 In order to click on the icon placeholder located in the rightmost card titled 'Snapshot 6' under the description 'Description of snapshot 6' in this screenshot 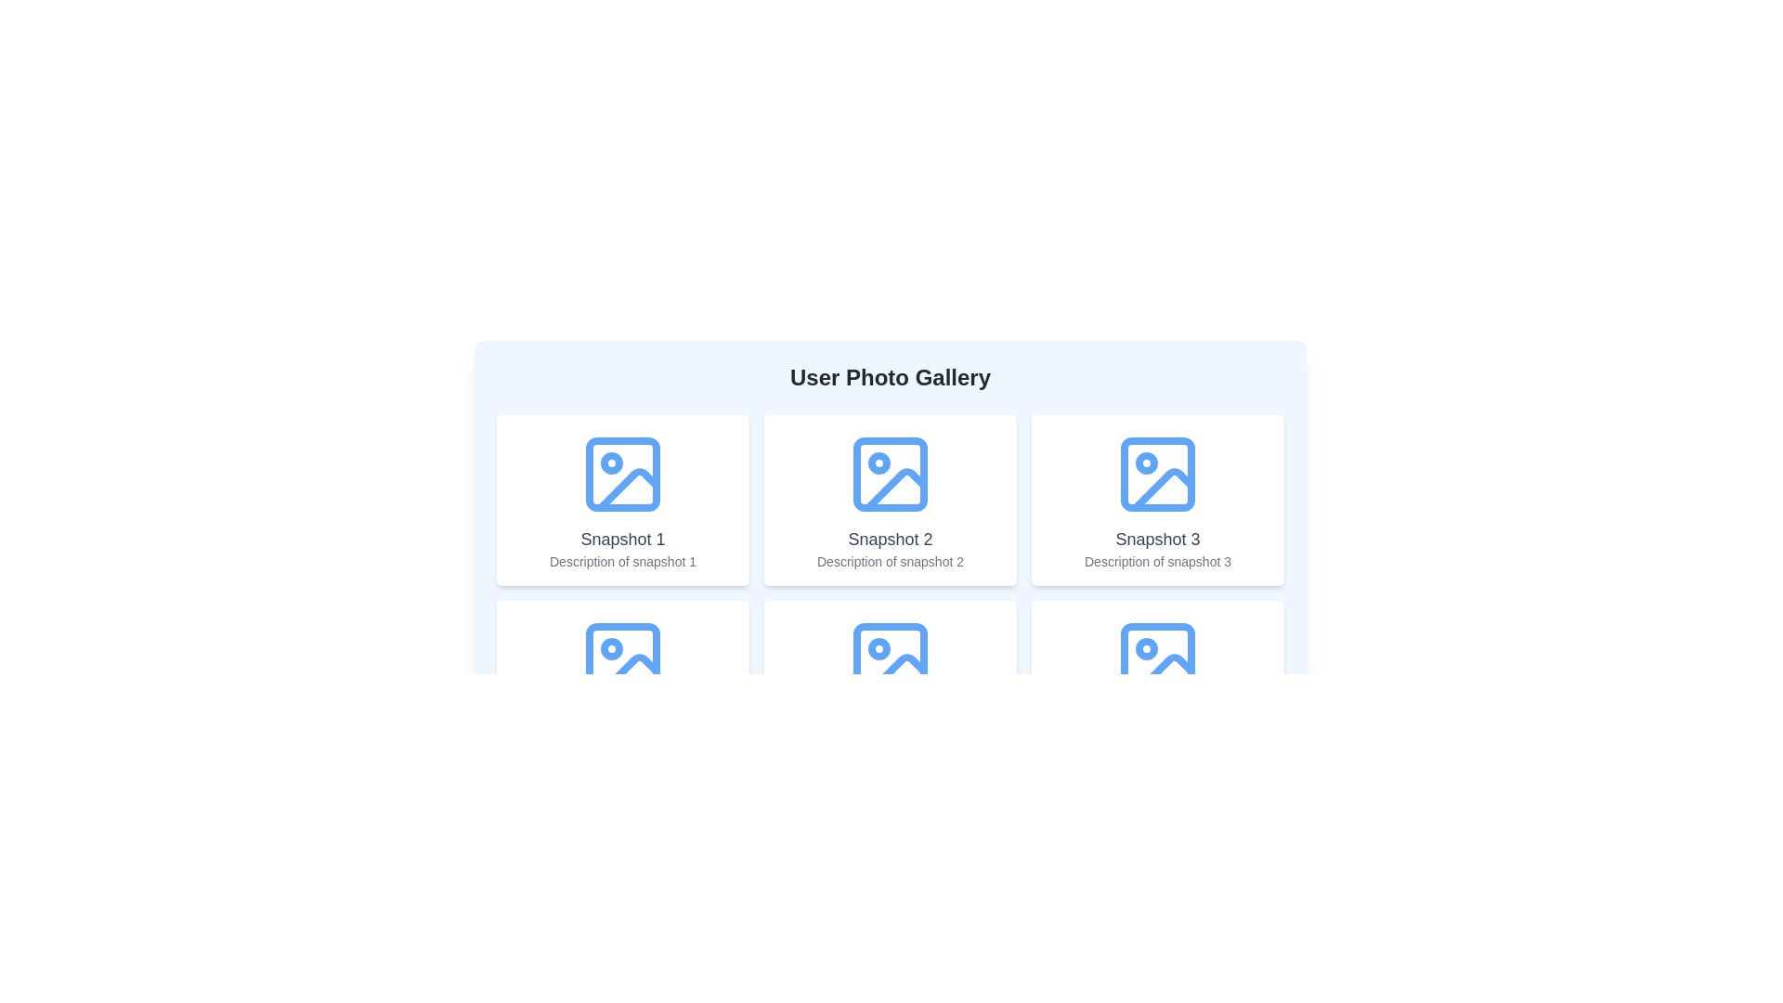, I will do `click(1157, 658)`.